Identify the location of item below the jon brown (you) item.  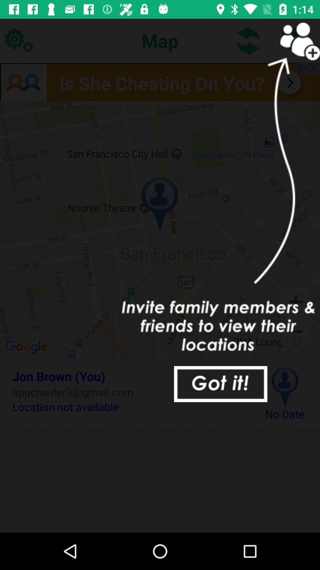
(129, 392).